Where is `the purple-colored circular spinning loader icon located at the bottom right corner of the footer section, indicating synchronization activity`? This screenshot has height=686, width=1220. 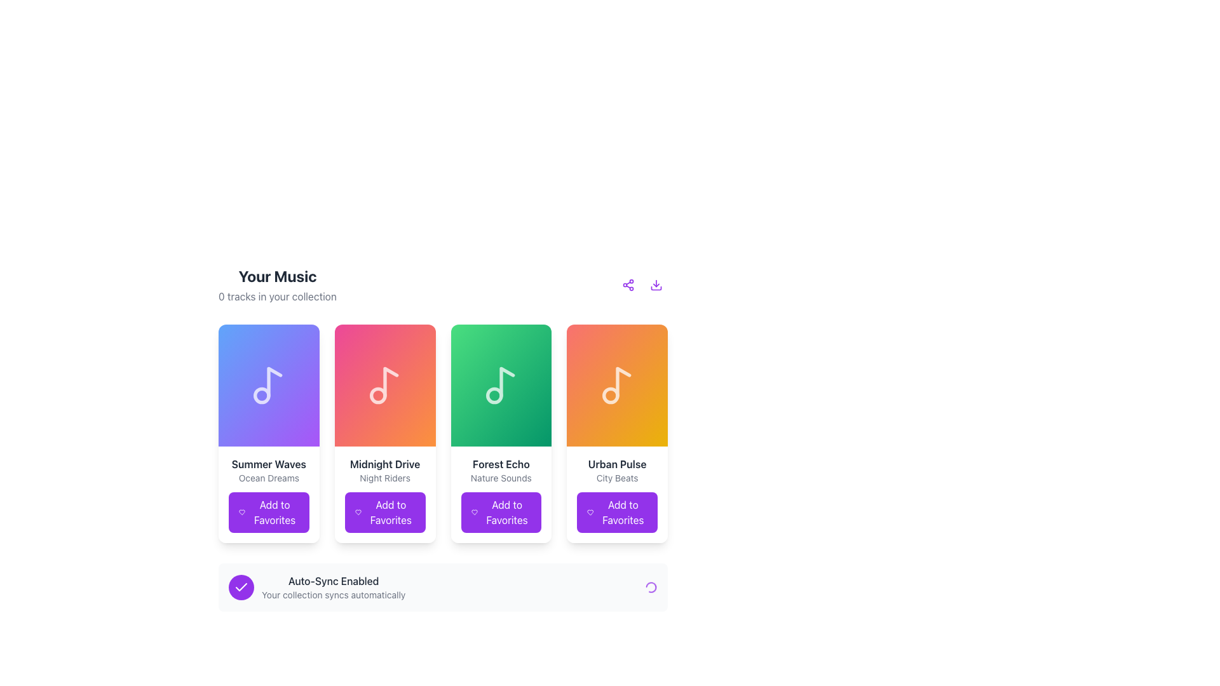 the purple-colored circular spinning loader icon located at the bottom right corner of the footer section, indicating synchronization activity is located at coordinates (651, 588).